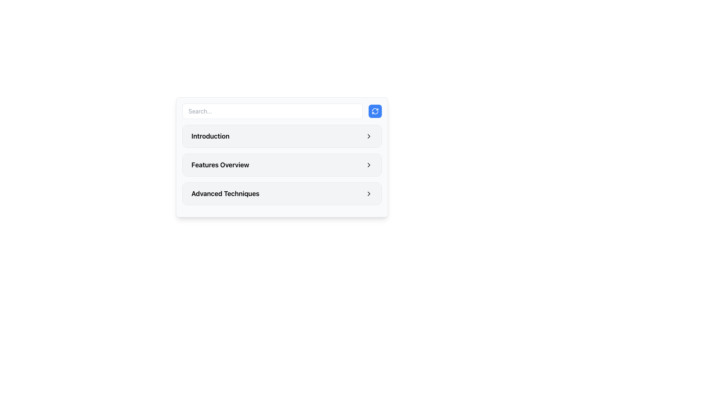 The height and width of the screenshot is (398, 707). What do you see at coordinates (282, 164) in the screenshot?
I see `the 'Features Overview' button, which is the second item in a vertical list of navigational buttons located between 'Introduction' and 'Advanced Techniques'` at bounding box center [282, 164].